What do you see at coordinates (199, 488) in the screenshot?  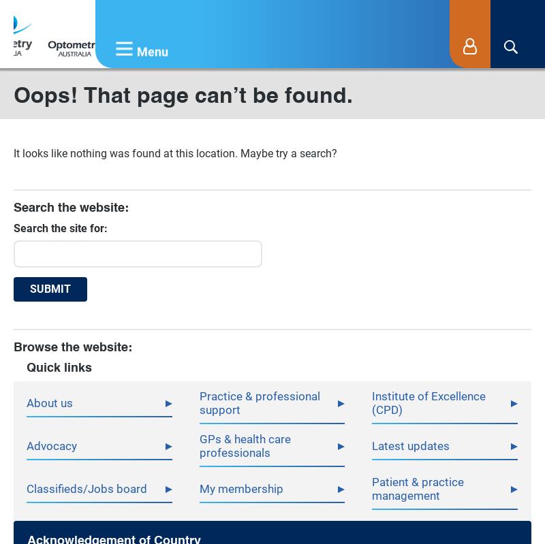 I see `'My membership'` at bounding box center [199, 488].